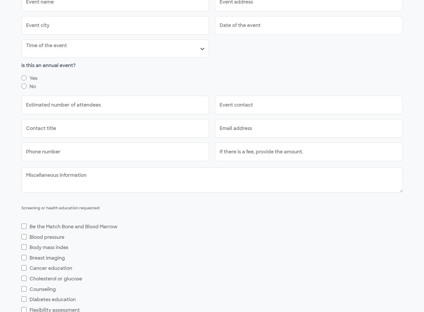  What do you see at coordinates (48, 65) in the screenshot?
I see `'Is this an annual event?'` at bounding box center [48, 65].